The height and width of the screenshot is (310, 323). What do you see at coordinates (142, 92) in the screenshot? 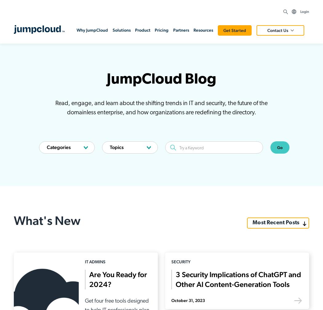
I see `'1'` at bounding box center [142, 92].